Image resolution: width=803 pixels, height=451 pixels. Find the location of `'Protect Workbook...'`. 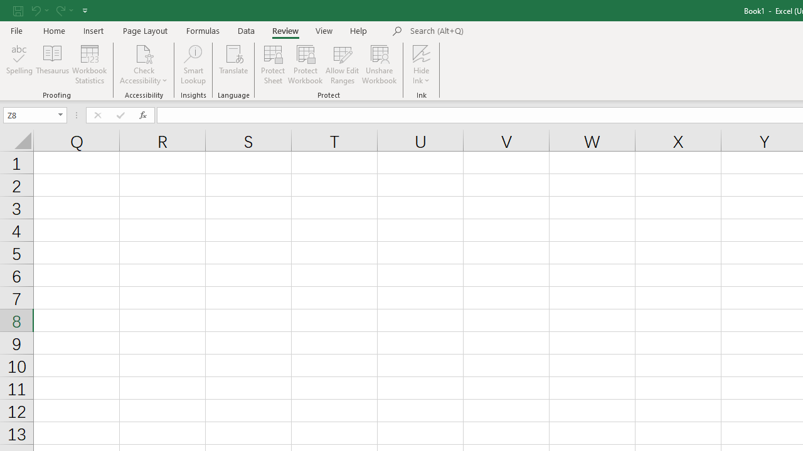

'Protect Workbook...' is located at coordinates (306, 65).